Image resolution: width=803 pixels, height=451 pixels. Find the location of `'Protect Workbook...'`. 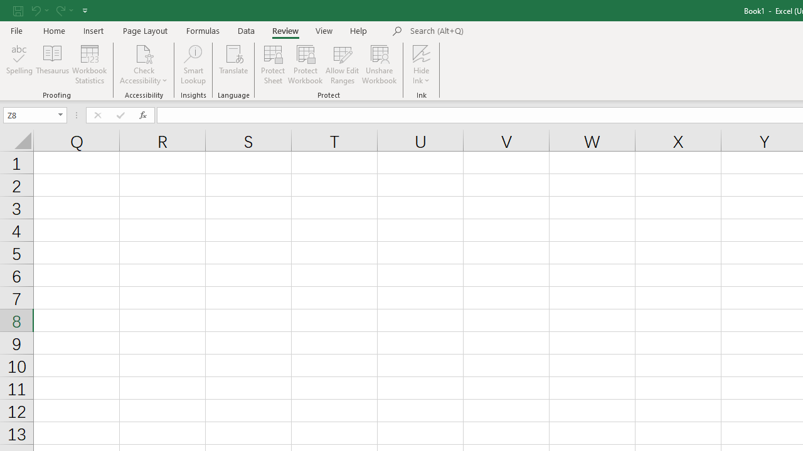

'Protect Workbook...' is located at coordinates (306, 65).